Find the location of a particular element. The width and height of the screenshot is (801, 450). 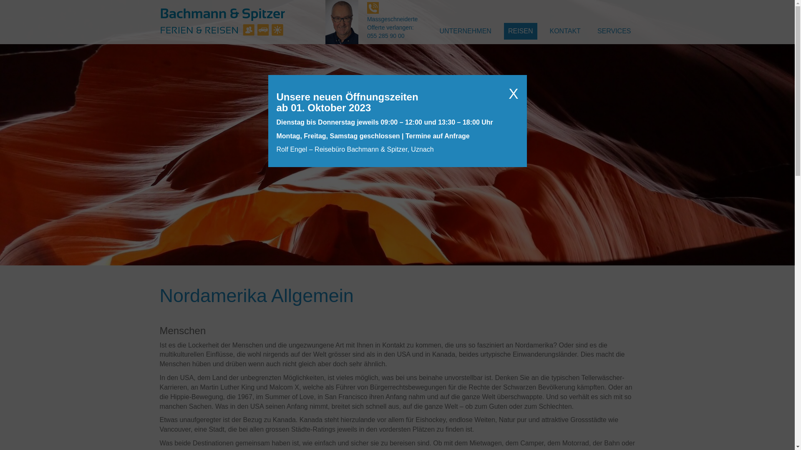

'KONTAKT' is located at coordinates (565, 30).